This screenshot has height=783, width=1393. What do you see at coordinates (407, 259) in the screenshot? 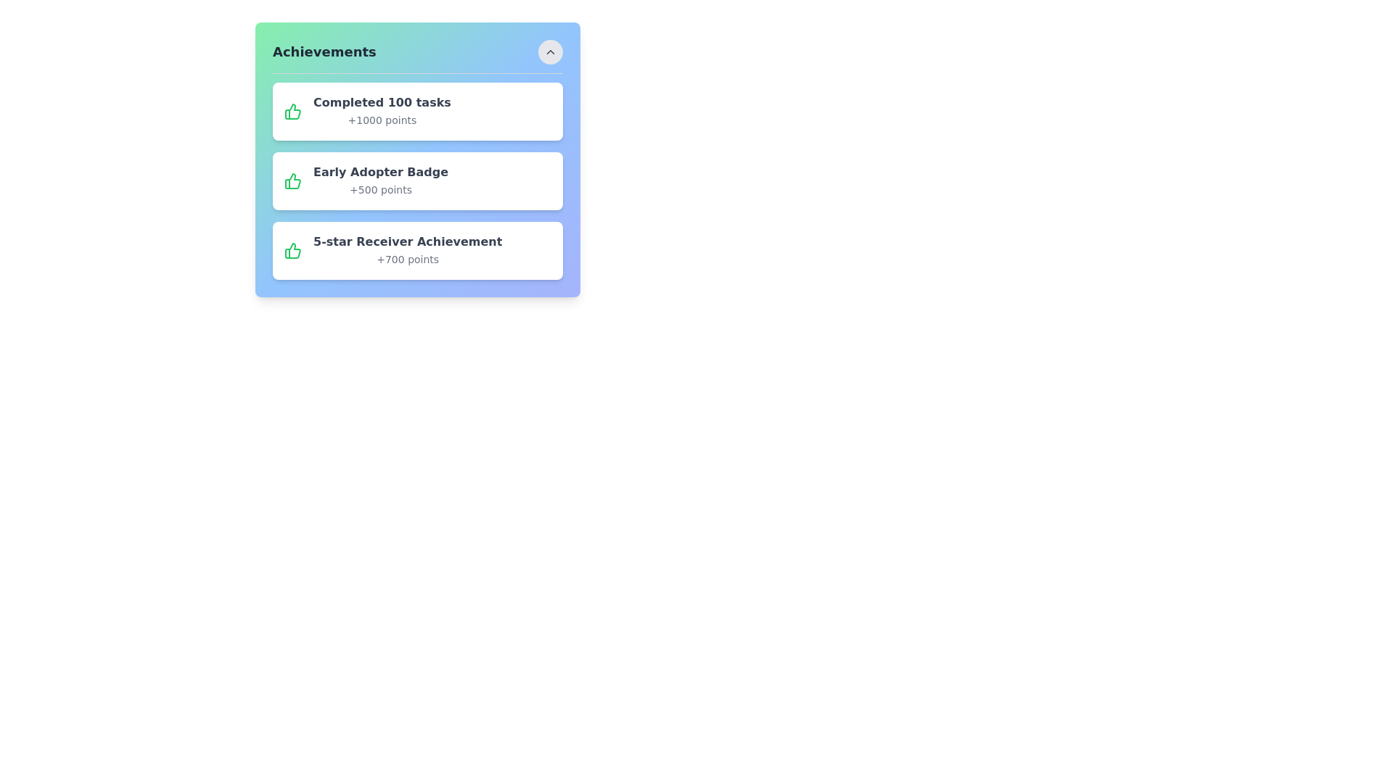
I see `text element indicating the reward points associated with the '5-star Receiver Achievement', located at the bottom-right corner of the third card in a vertically stacked list of cards` at bounding box center [407, 259].